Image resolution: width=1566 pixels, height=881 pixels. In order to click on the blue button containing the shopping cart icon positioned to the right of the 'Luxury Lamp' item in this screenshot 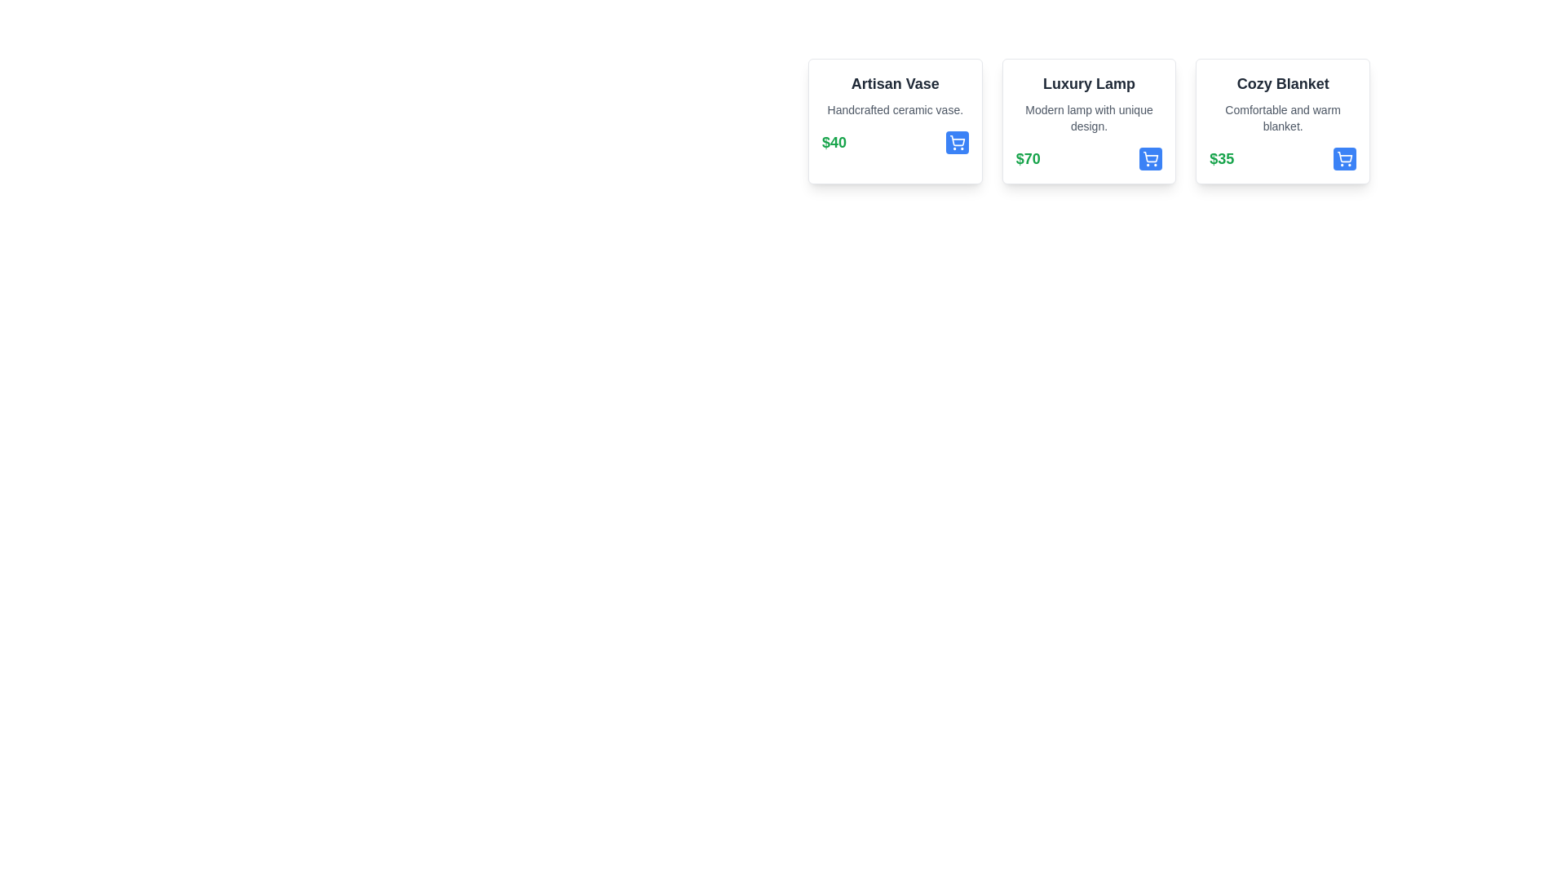, I will do `click(1150, 159)`.